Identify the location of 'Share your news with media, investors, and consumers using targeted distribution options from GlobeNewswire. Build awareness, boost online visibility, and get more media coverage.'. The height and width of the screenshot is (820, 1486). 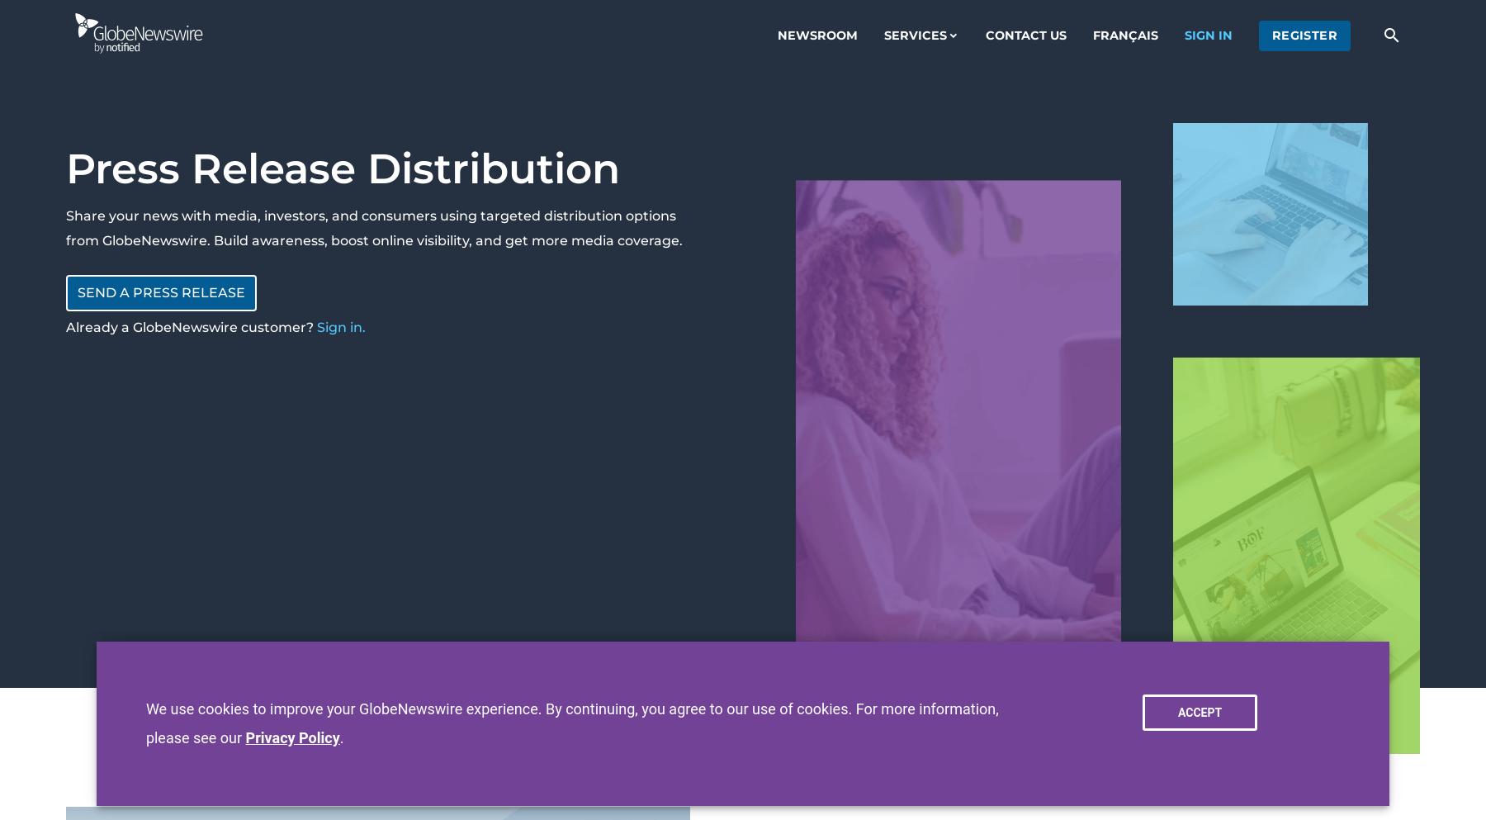
(373, 228).